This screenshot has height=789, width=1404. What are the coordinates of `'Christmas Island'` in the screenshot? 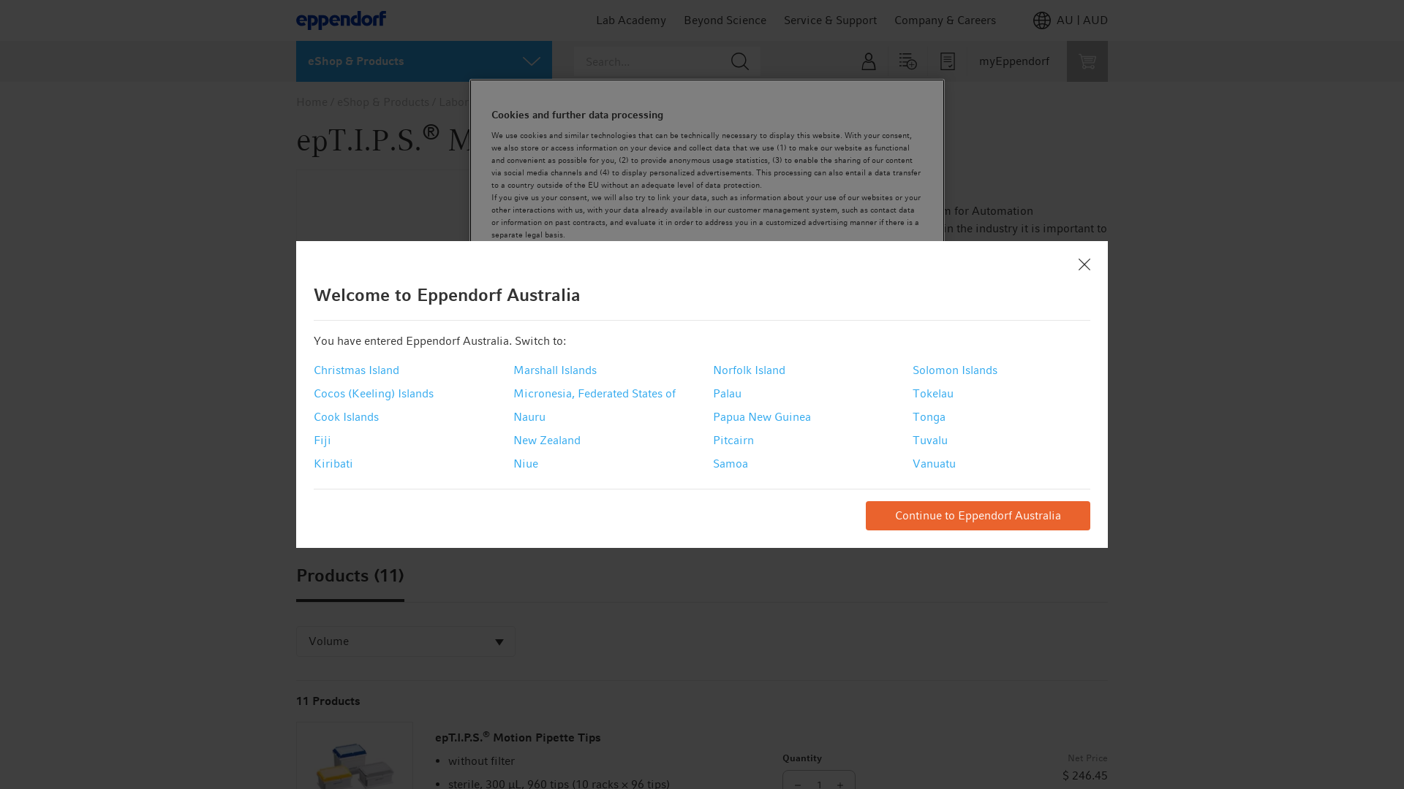 It's located at (356, 369).